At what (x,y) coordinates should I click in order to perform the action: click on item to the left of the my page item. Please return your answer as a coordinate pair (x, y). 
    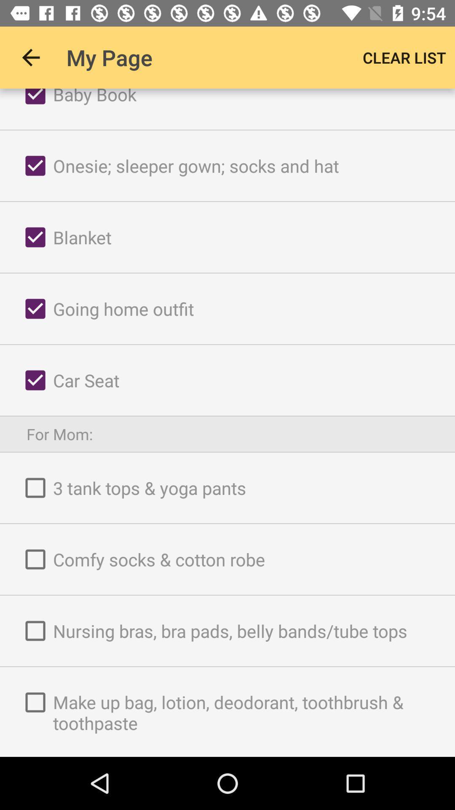
    Looking at the image, I should click on (30, 57).